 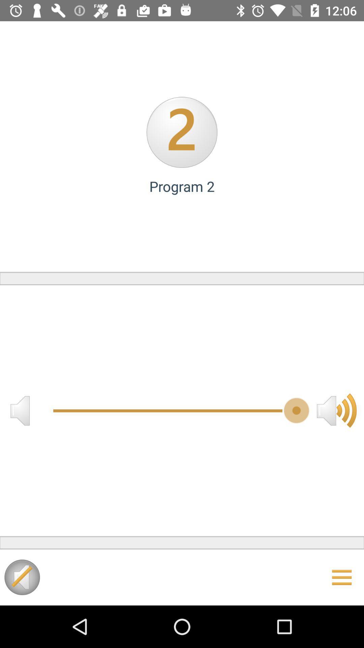 What do you see at coordinates (20, 410) in the screenshot?
I see `mute or sound off` at bounding box center [20, 410].